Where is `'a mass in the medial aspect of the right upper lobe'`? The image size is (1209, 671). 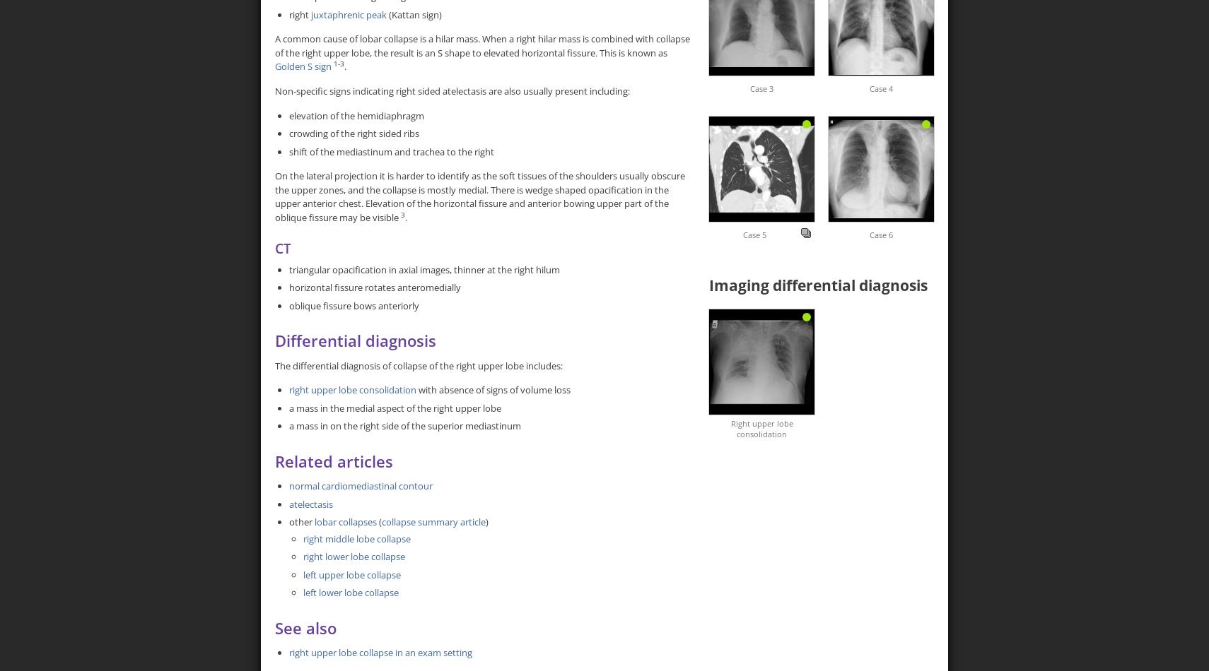 'a mass in the medial aspect of the right upper lobe' is located at coordinates (395, 408).